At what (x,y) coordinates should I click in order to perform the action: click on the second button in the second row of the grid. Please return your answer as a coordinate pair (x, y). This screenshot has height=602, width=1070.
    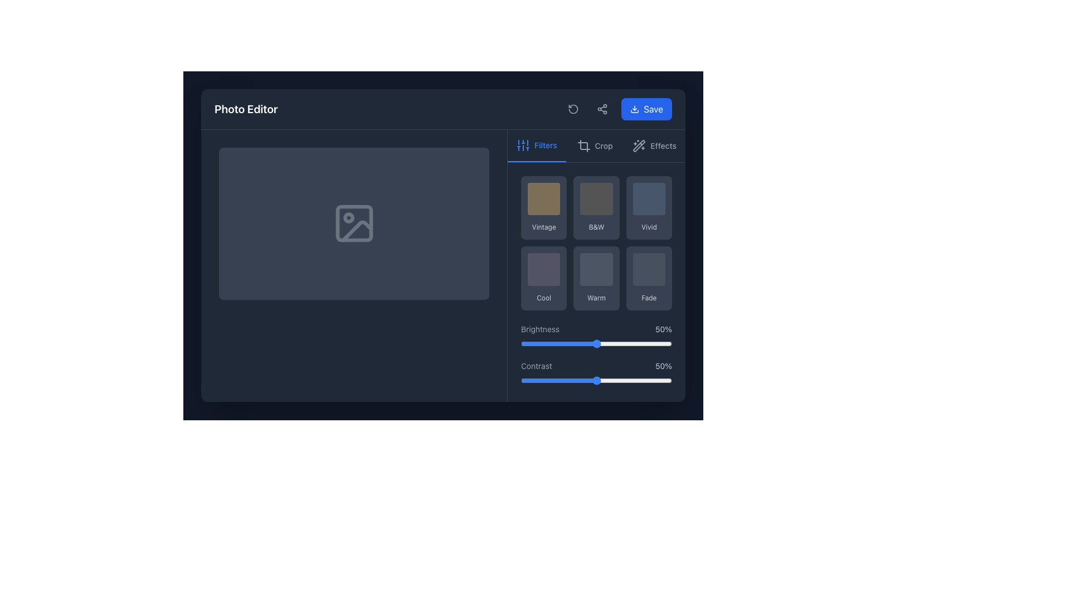
    Looking at the image, I should click on (596, 278).